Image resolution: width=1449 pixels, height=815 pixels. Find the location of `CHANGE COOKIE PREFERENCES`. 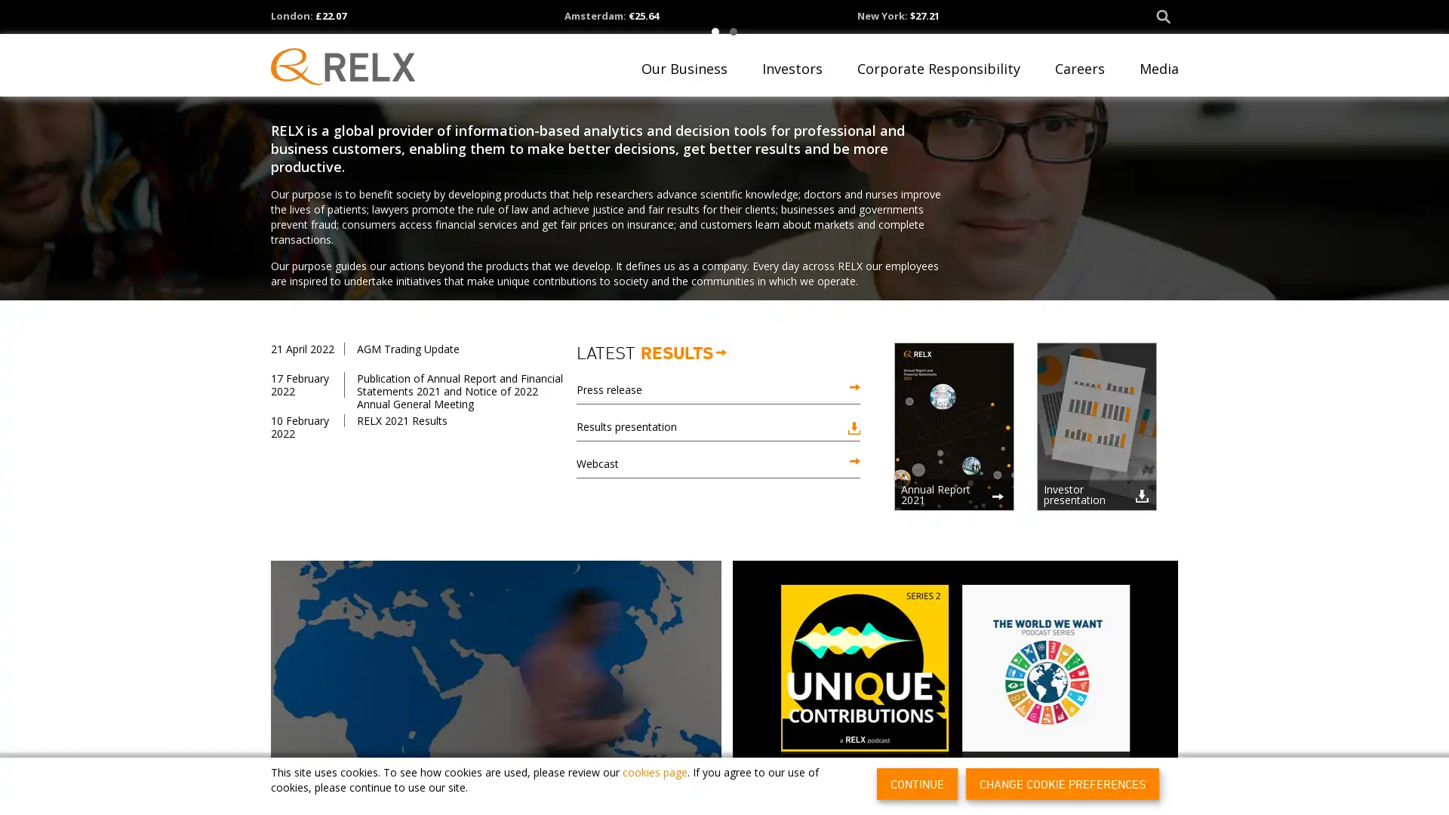

CHANGE COOKIE PREFERENCES is located at coordinates (1070, 783).